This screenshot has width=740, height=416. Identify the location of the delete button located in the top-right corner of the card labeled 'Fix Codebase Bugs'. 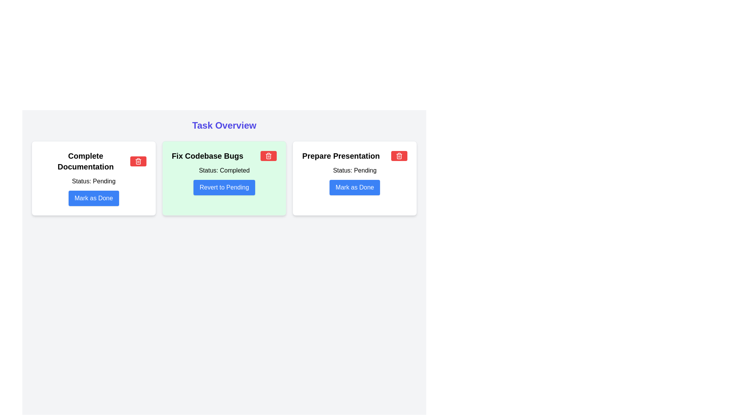
(269, 156).